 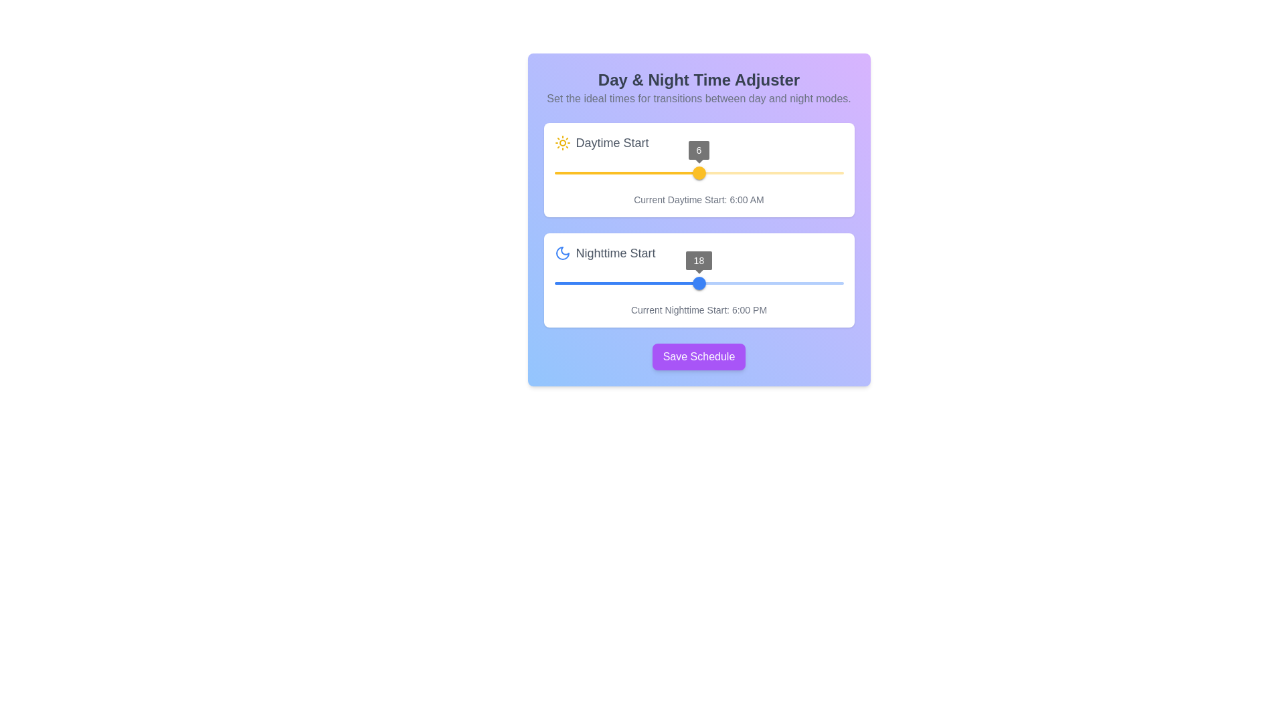 I want to click on header text 'Day & Night Time Adjuster' which is displayed in bold, large dark gray font at the top center of the card-like interface, so click(x=698, y=80).